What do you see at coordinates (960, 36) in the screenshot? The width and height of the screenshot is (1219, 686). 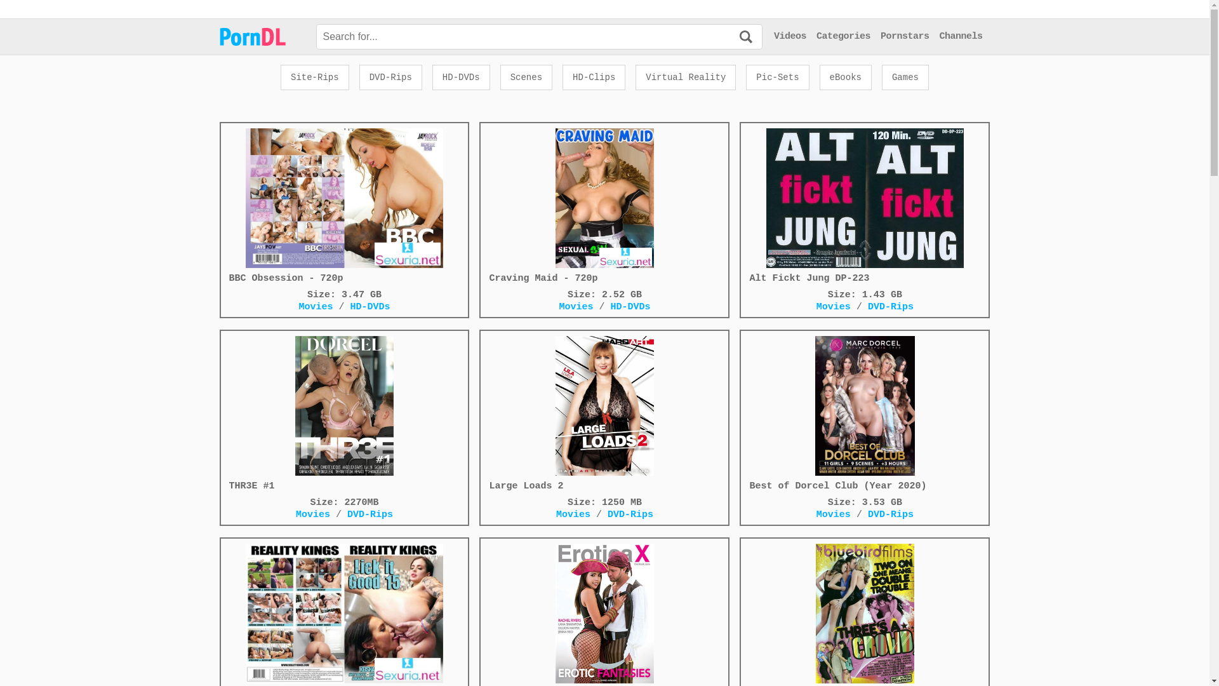 I see `'Channels'` at bounding box center [960, 36].